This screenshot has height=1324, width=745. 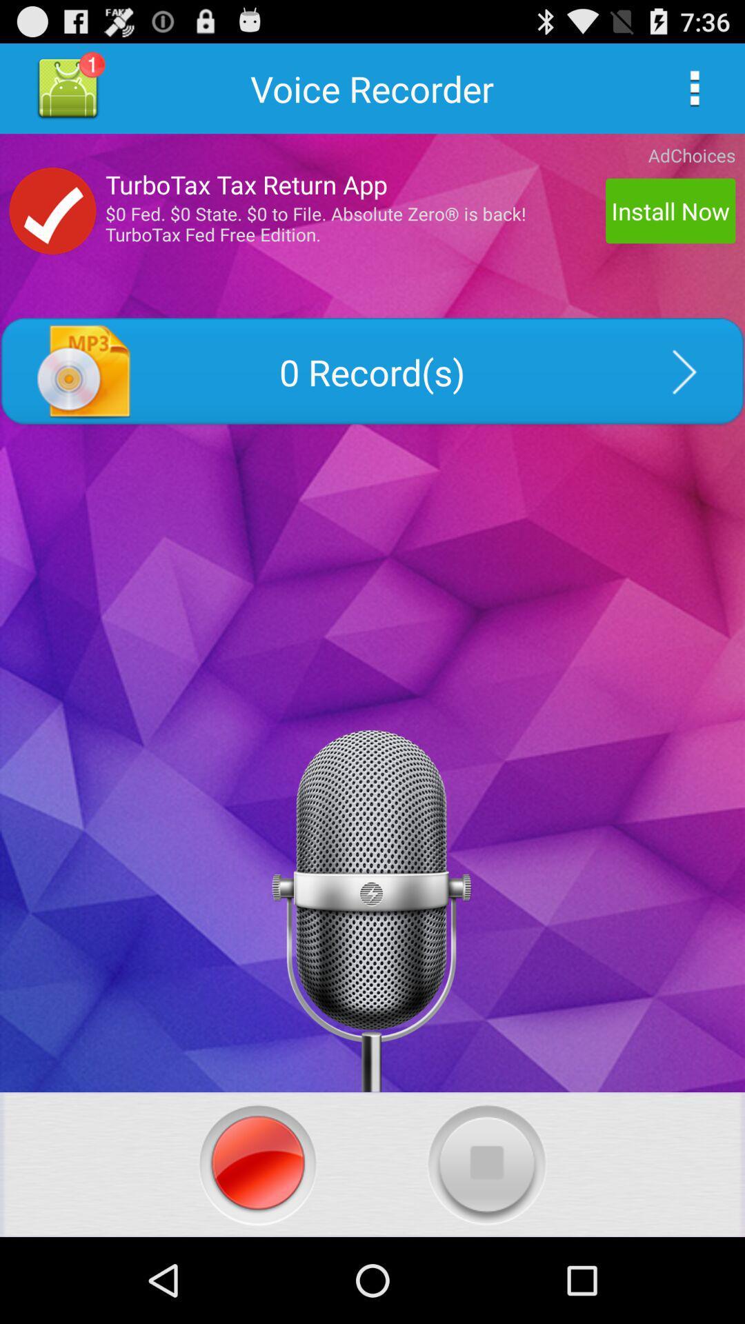 What do you see at coordinates (694, 88) in the screenshot?
I see `click on 3 dots to open menu` at bounding box center [694, 88].